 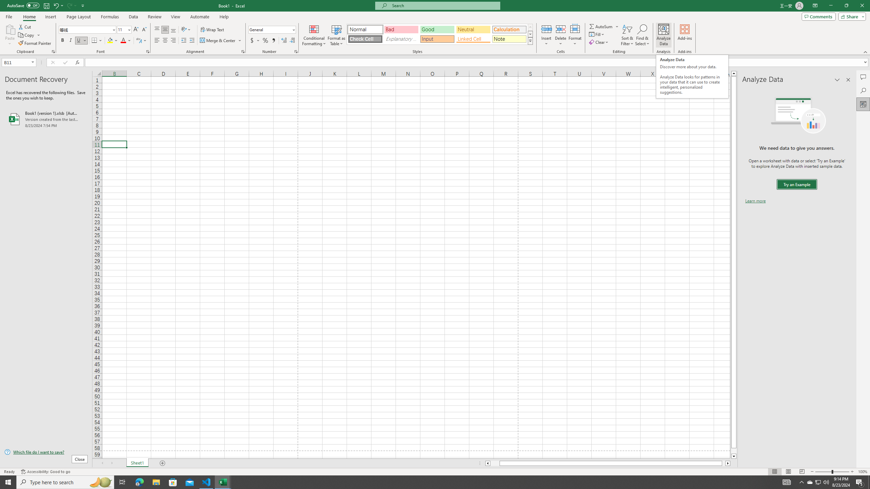 What do you see at coordinates (365, 39) in the screenshot?
I see `'Check Cell'` at bounding box center [365, 39].